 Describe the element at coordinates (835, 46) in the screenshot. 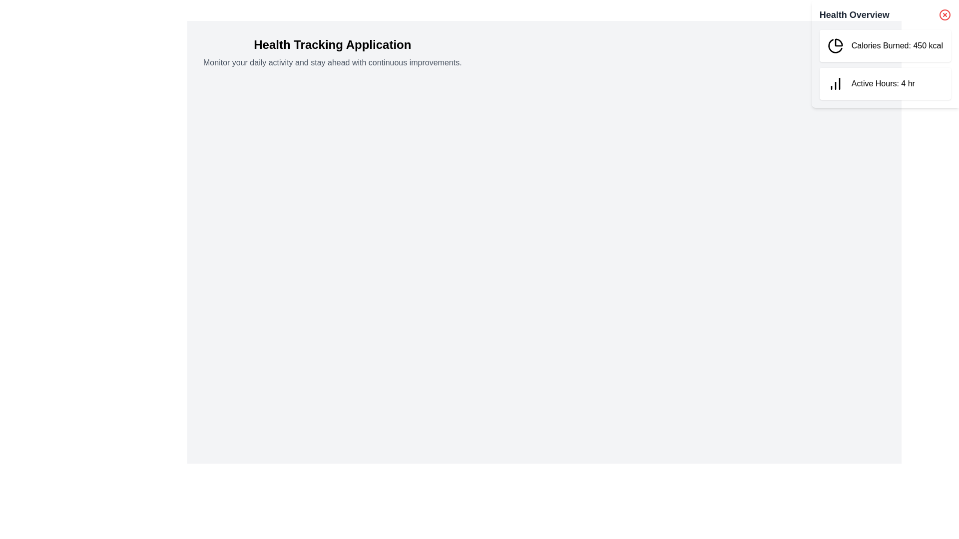

I see `the green pie chart icon with a black outline located in the top-left corner of the 'Calories Burned: 450 kcal' card` at that location.